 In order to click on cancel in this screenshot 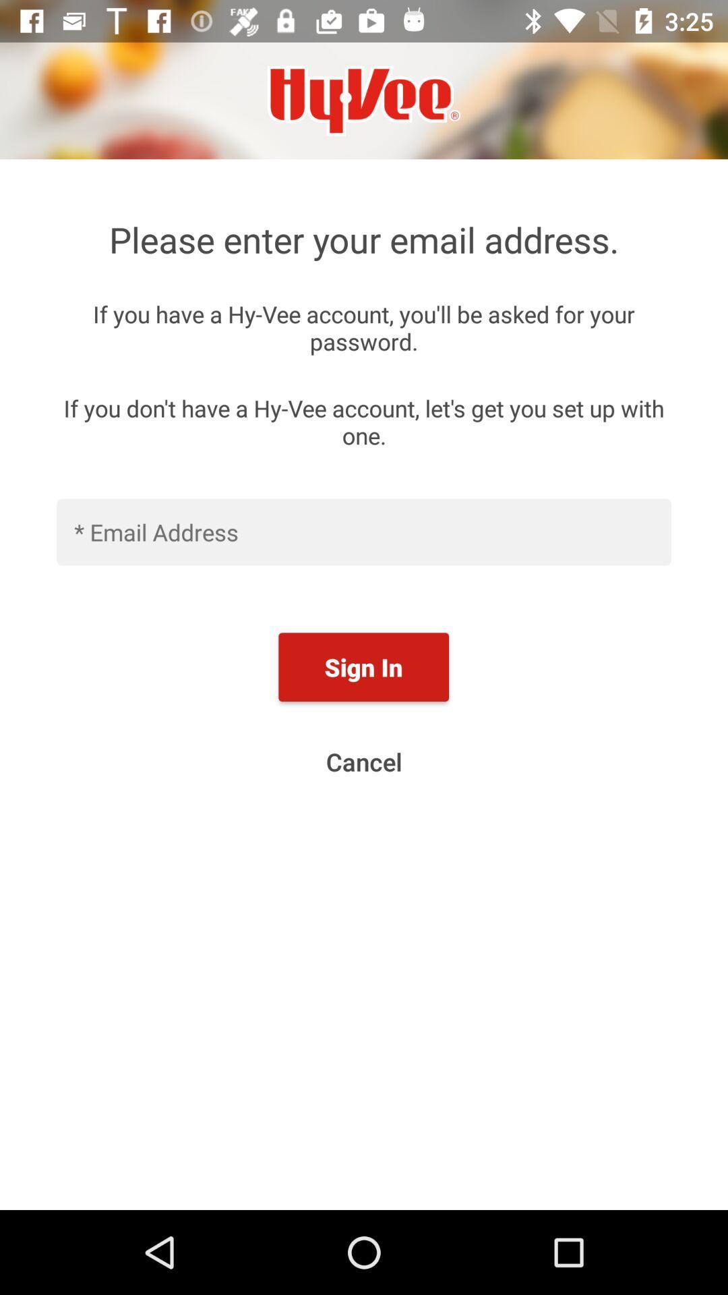, I will do `click(364, 761)`.